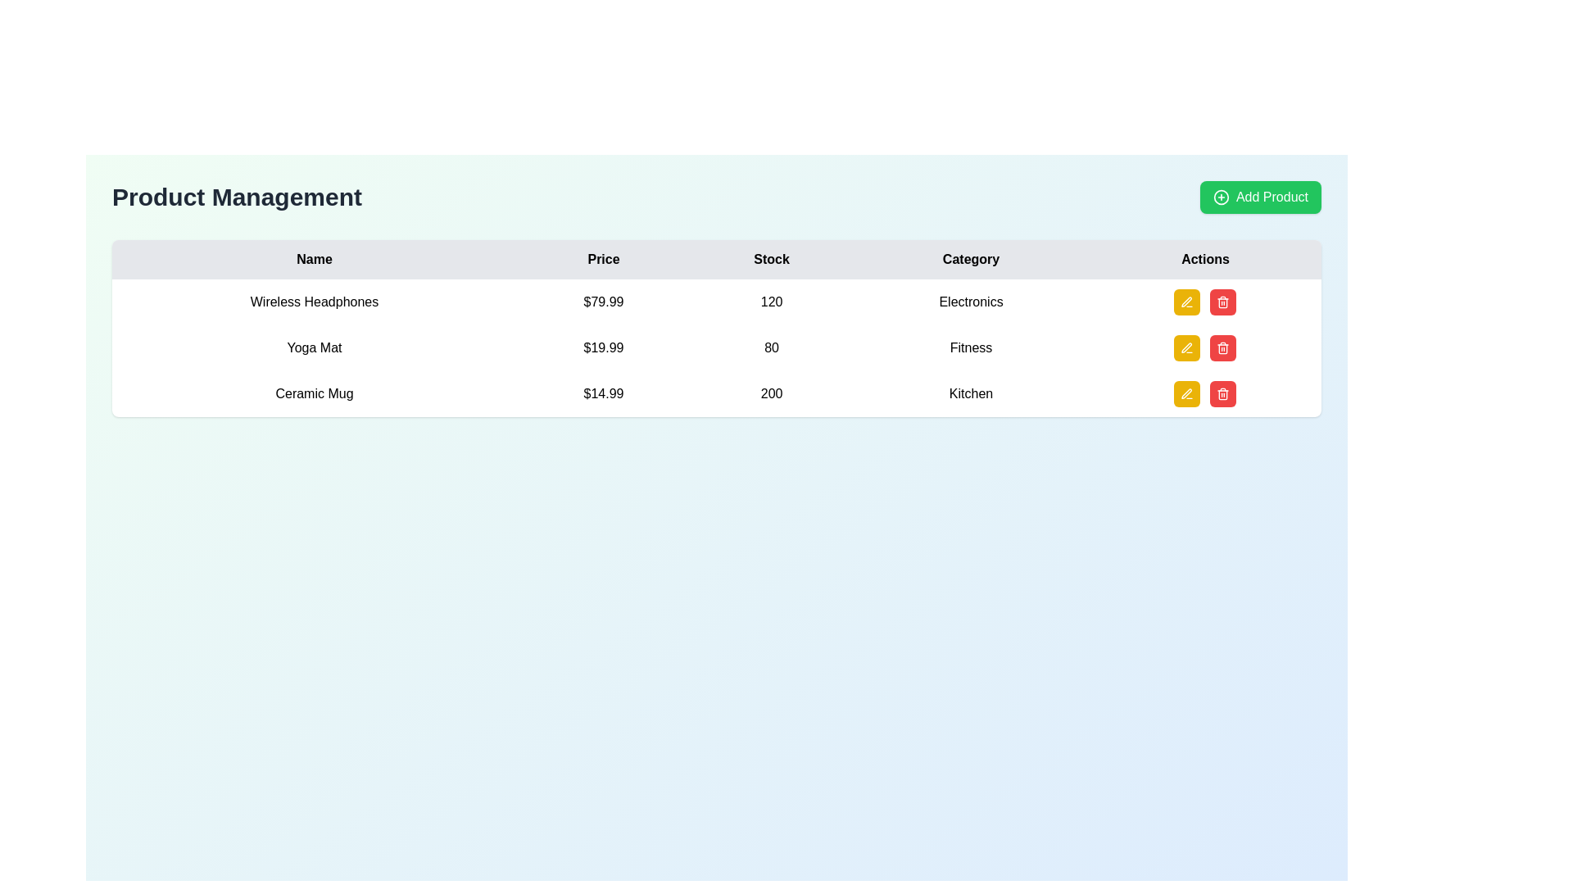 This screenshot has width=1573, height=885. I want to click on the 'Add Product' button with a vibrant green background and a white plus icon, so click(1259, 196).